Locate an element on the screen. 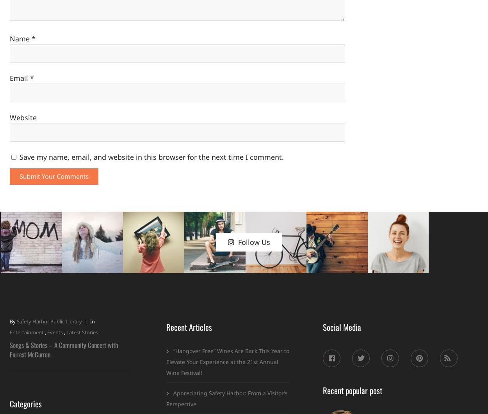 The width and height of the screenshot is (488, 414). 'Follow Us' is located at coordinates (254, 242).